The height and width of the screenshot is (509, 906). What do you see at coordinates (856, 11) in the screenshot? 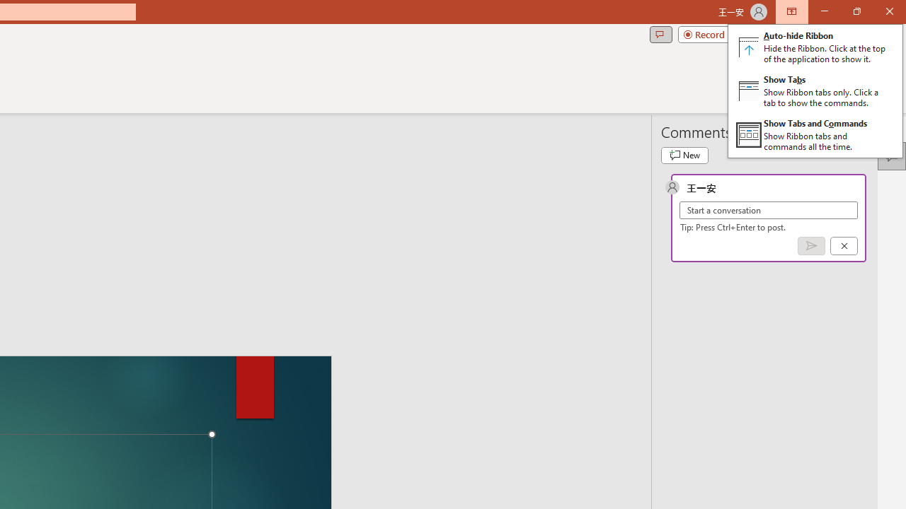
I see `'Restore Down'` at bounding box center [856, 11].